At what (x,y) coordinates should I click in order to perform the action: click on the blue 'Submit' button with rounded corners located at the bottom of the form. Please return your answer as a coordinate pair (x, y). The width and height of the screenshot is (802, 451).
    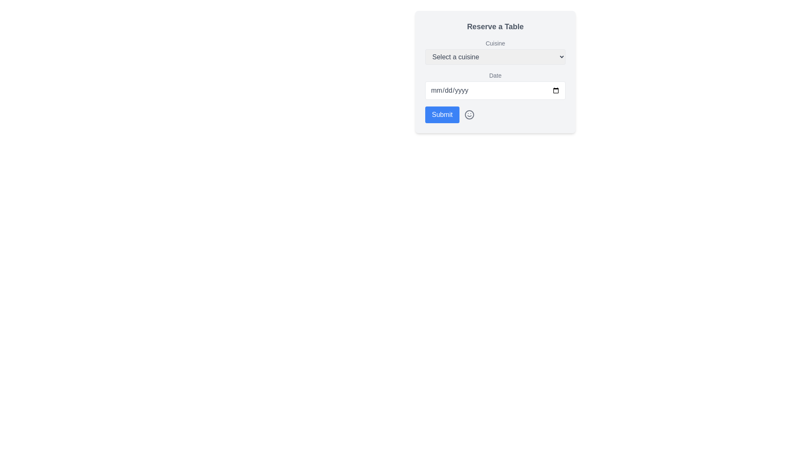
    Looking at the image, I should click on (442, 114).